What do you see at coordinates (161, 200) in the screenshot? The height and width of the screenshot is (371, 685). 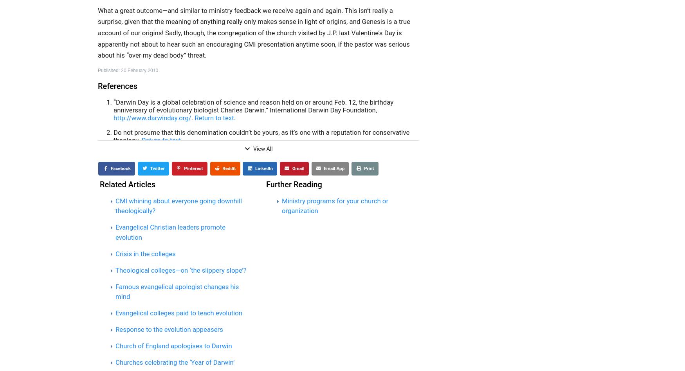 I see `'Adrian Bates'` at bounding box center [161, 200].